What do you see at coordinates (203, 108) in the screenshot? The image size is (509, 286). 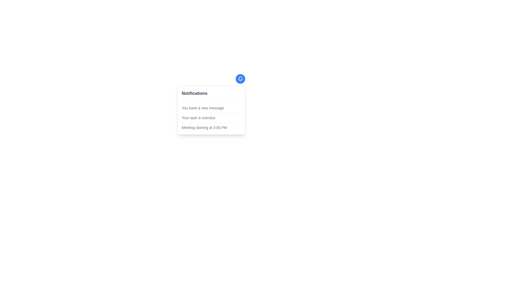 I see `text of the notification message that says 'You have a new message', which is displayed in a small-sized, gray-colored font within the notification dropdown panel` at bounding box center [203, 108].